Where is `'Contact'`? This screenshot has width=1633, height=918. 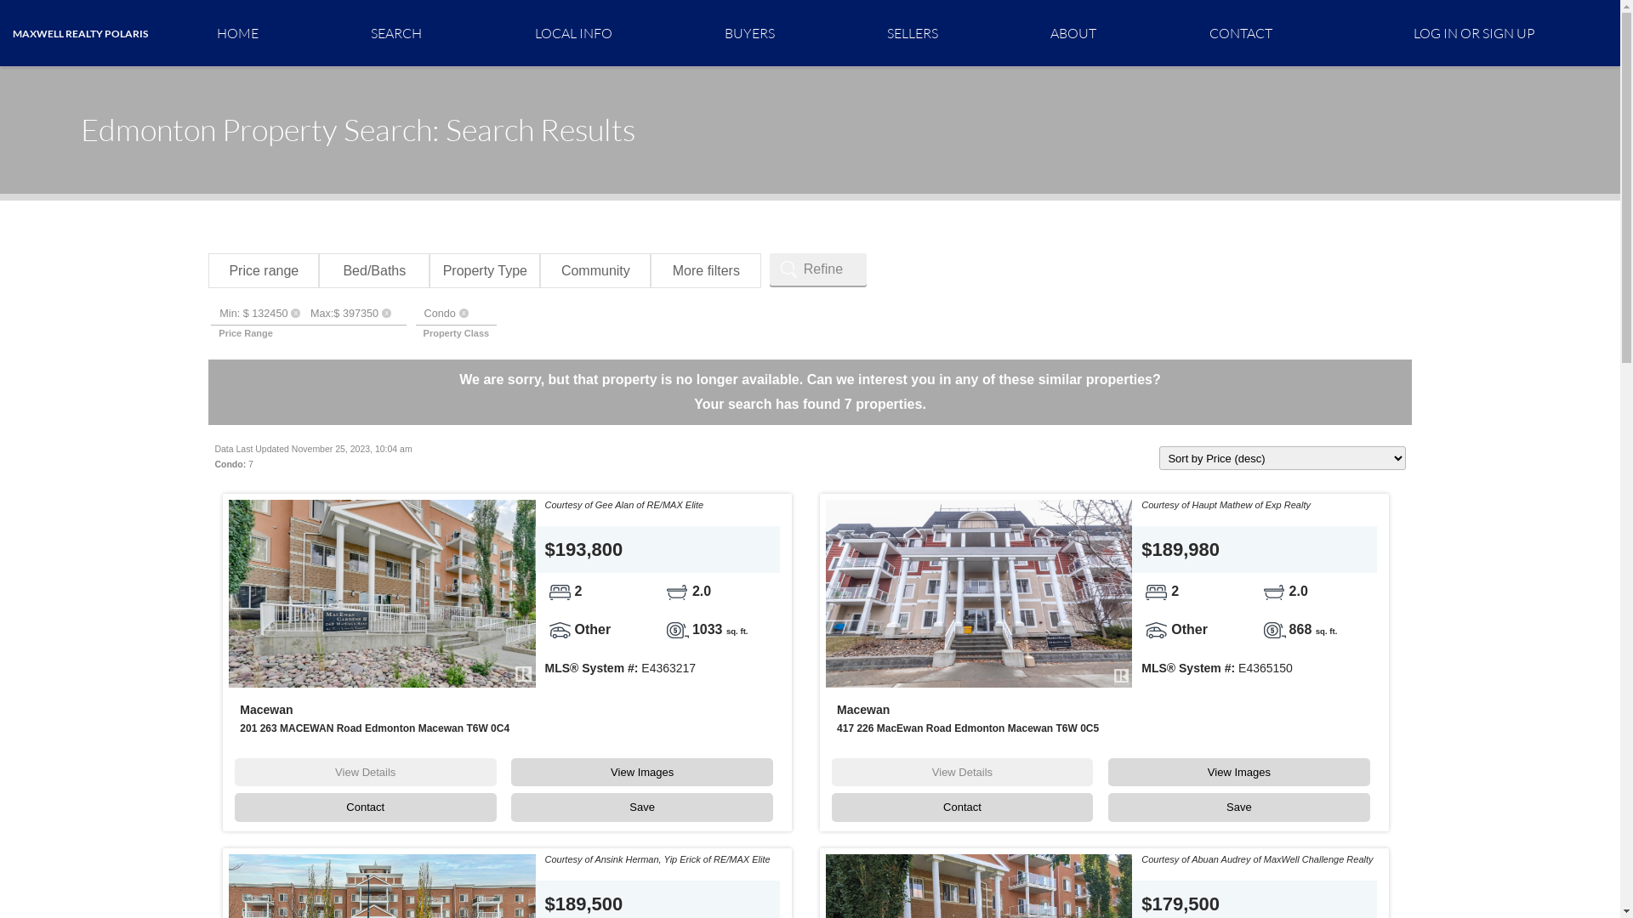 'Contact' is located at coordinates (365, 806).